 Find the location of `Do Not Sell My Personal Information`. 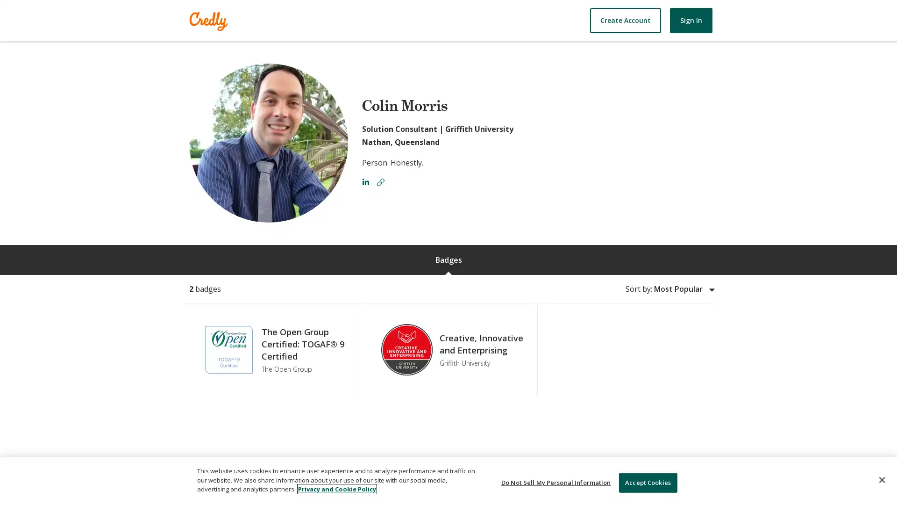

Do Not Sell My Personal Information is located at coordinates (556, 483).